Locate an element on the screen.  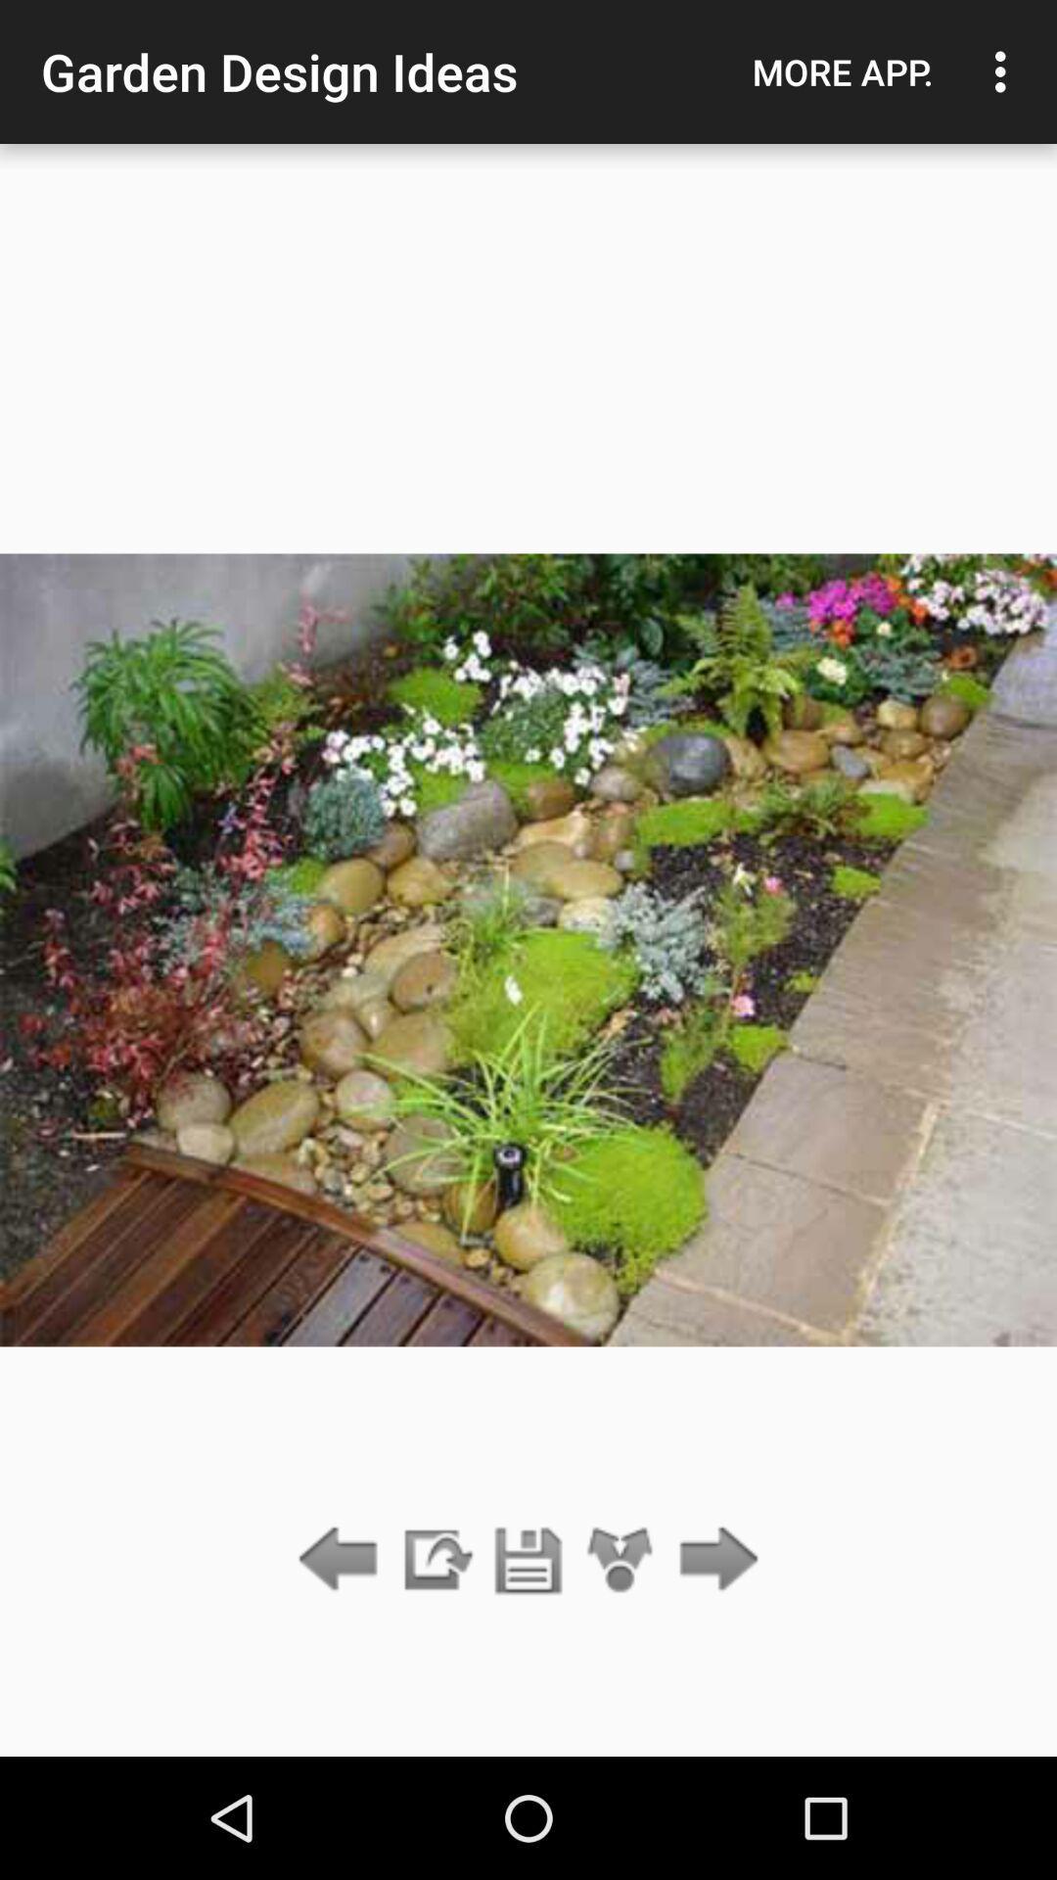
the arrow_forward icon is located at coordinates (713, 1560).